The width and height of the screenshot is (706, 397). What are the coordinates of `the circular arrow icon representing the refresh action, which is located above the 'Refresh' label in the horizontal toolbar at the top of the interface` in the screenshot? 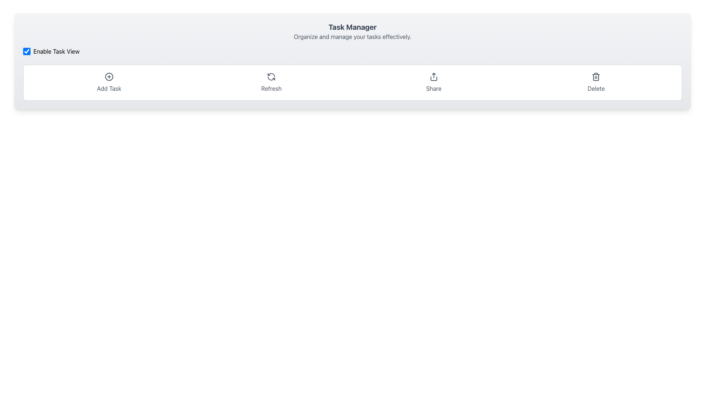 It's located at (271, 76).